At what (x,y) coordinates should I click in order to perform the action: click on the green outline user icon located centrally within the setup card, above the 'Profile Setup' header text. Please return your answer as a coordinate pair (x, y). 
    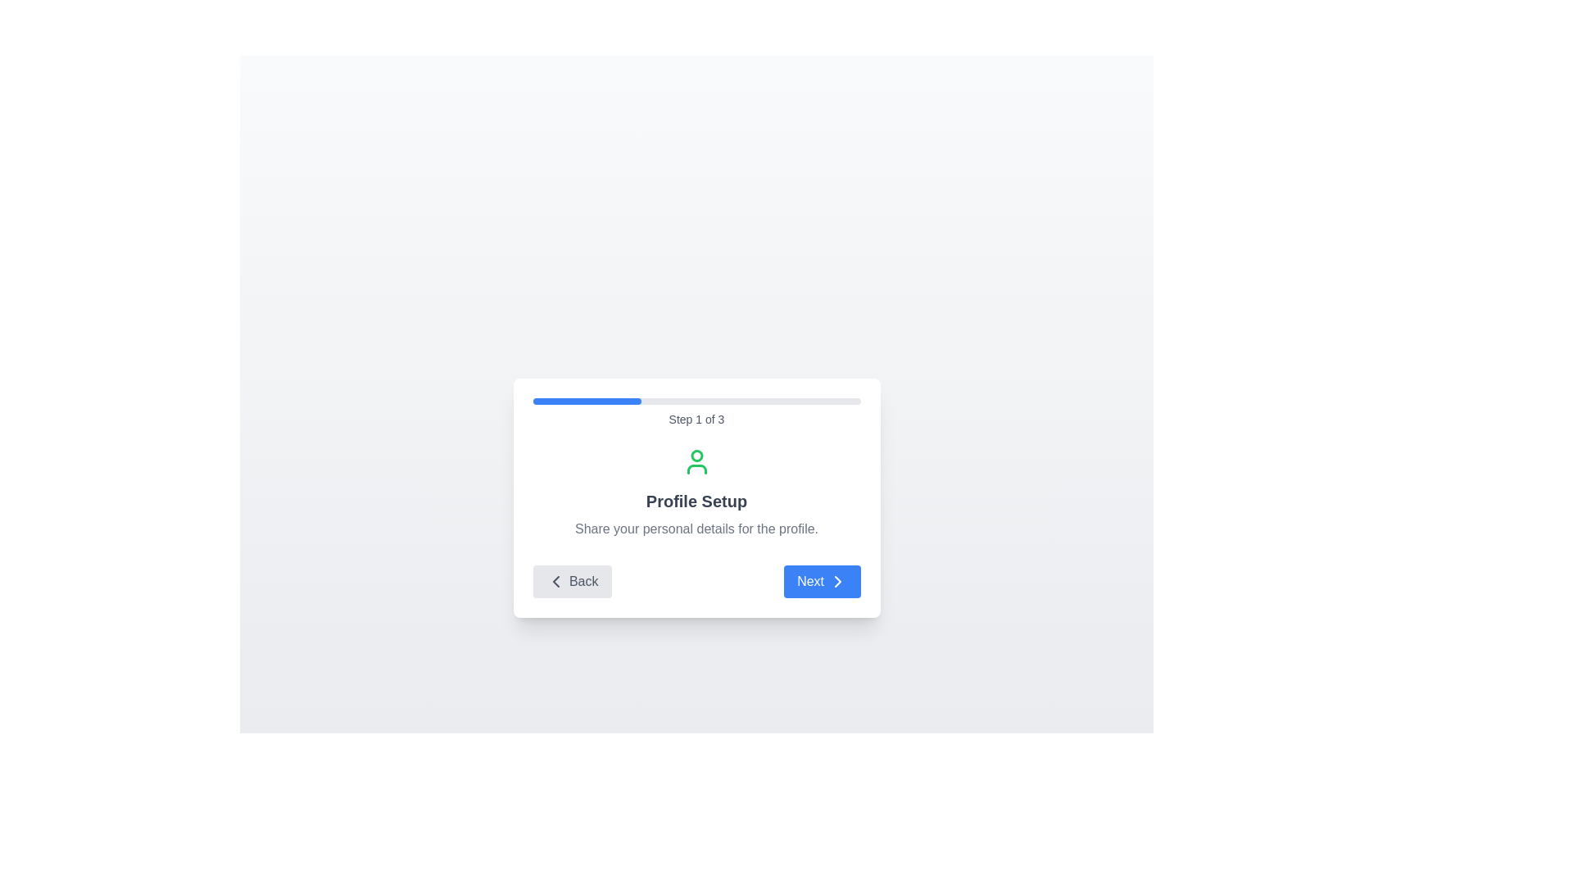
    Looking at the image, I should click on (696, 461).